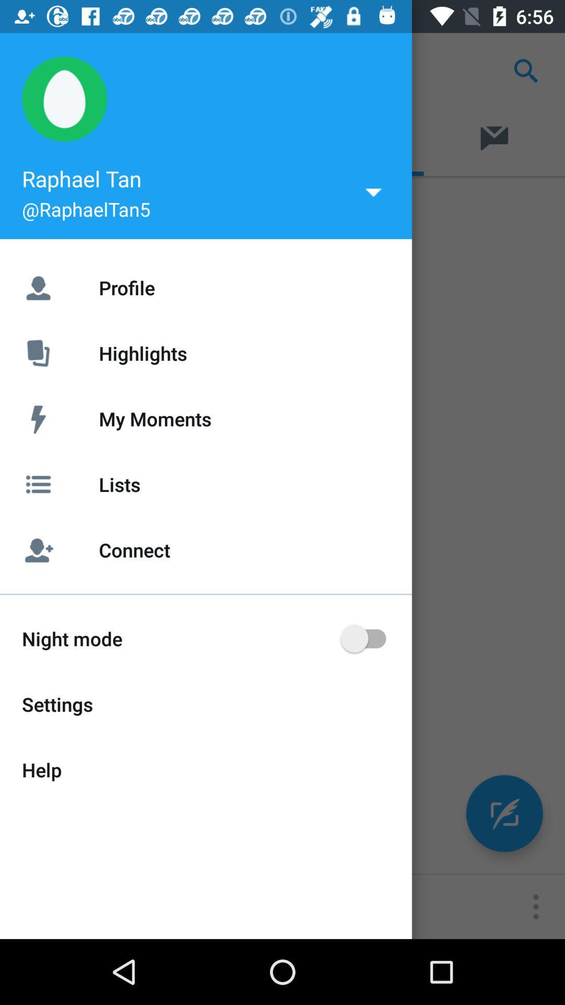 The height and width of the screenshot is (1005, 565). I want to click on the more icon, so click(536, 906).